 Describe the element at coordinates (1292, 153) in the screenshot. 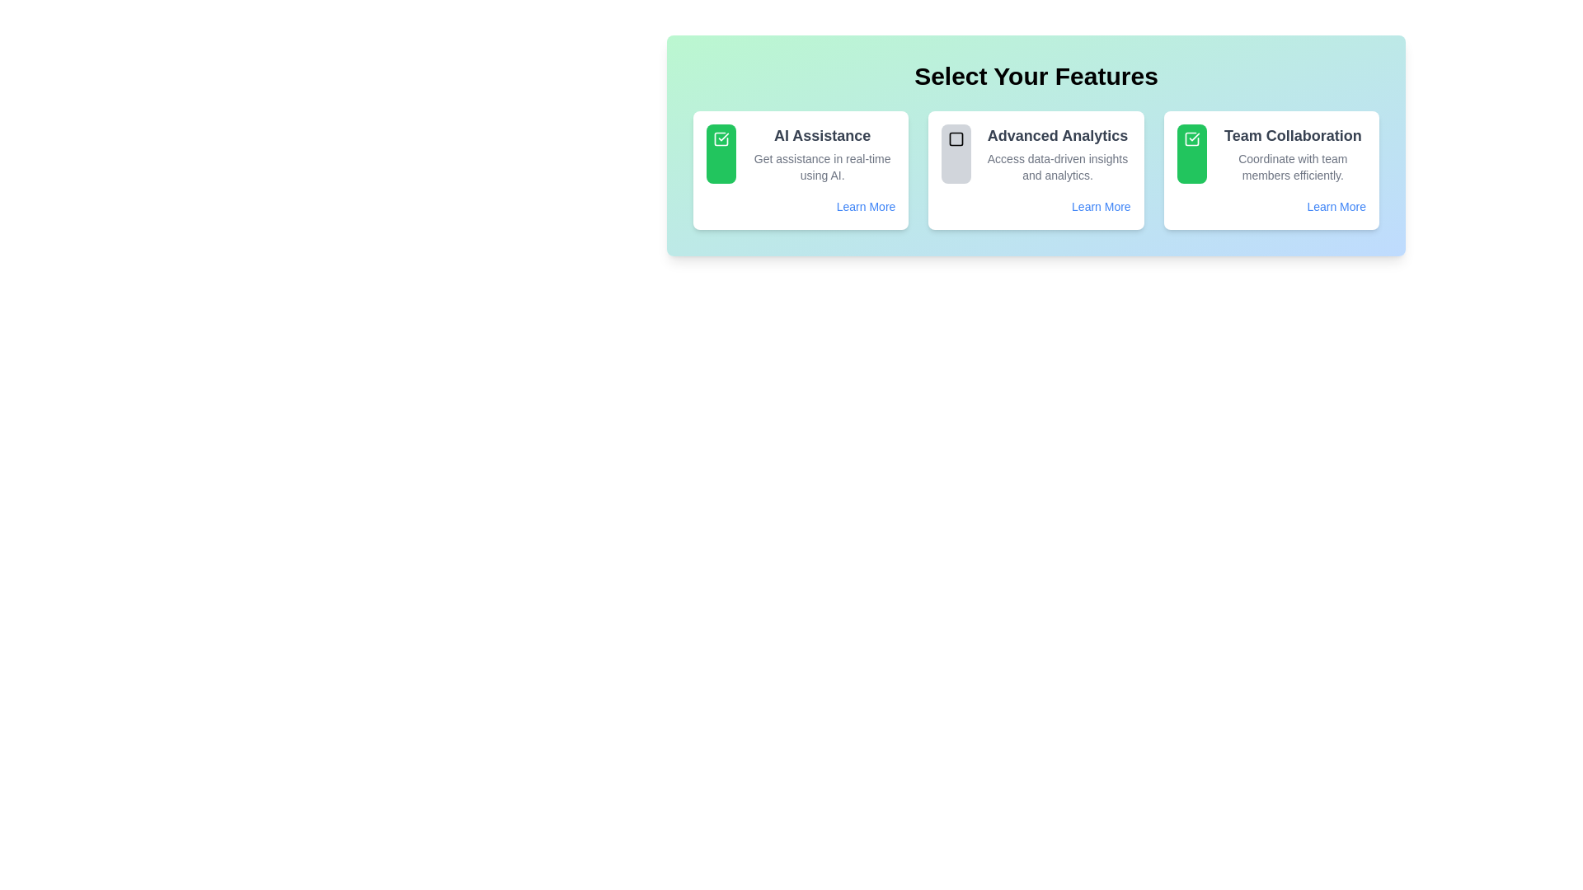

I see `text content describing the 'Team Collaboration' feature, which is located in the rightmost card of a row of three cards, providing information on coordinating with team members efficiently` at that location.